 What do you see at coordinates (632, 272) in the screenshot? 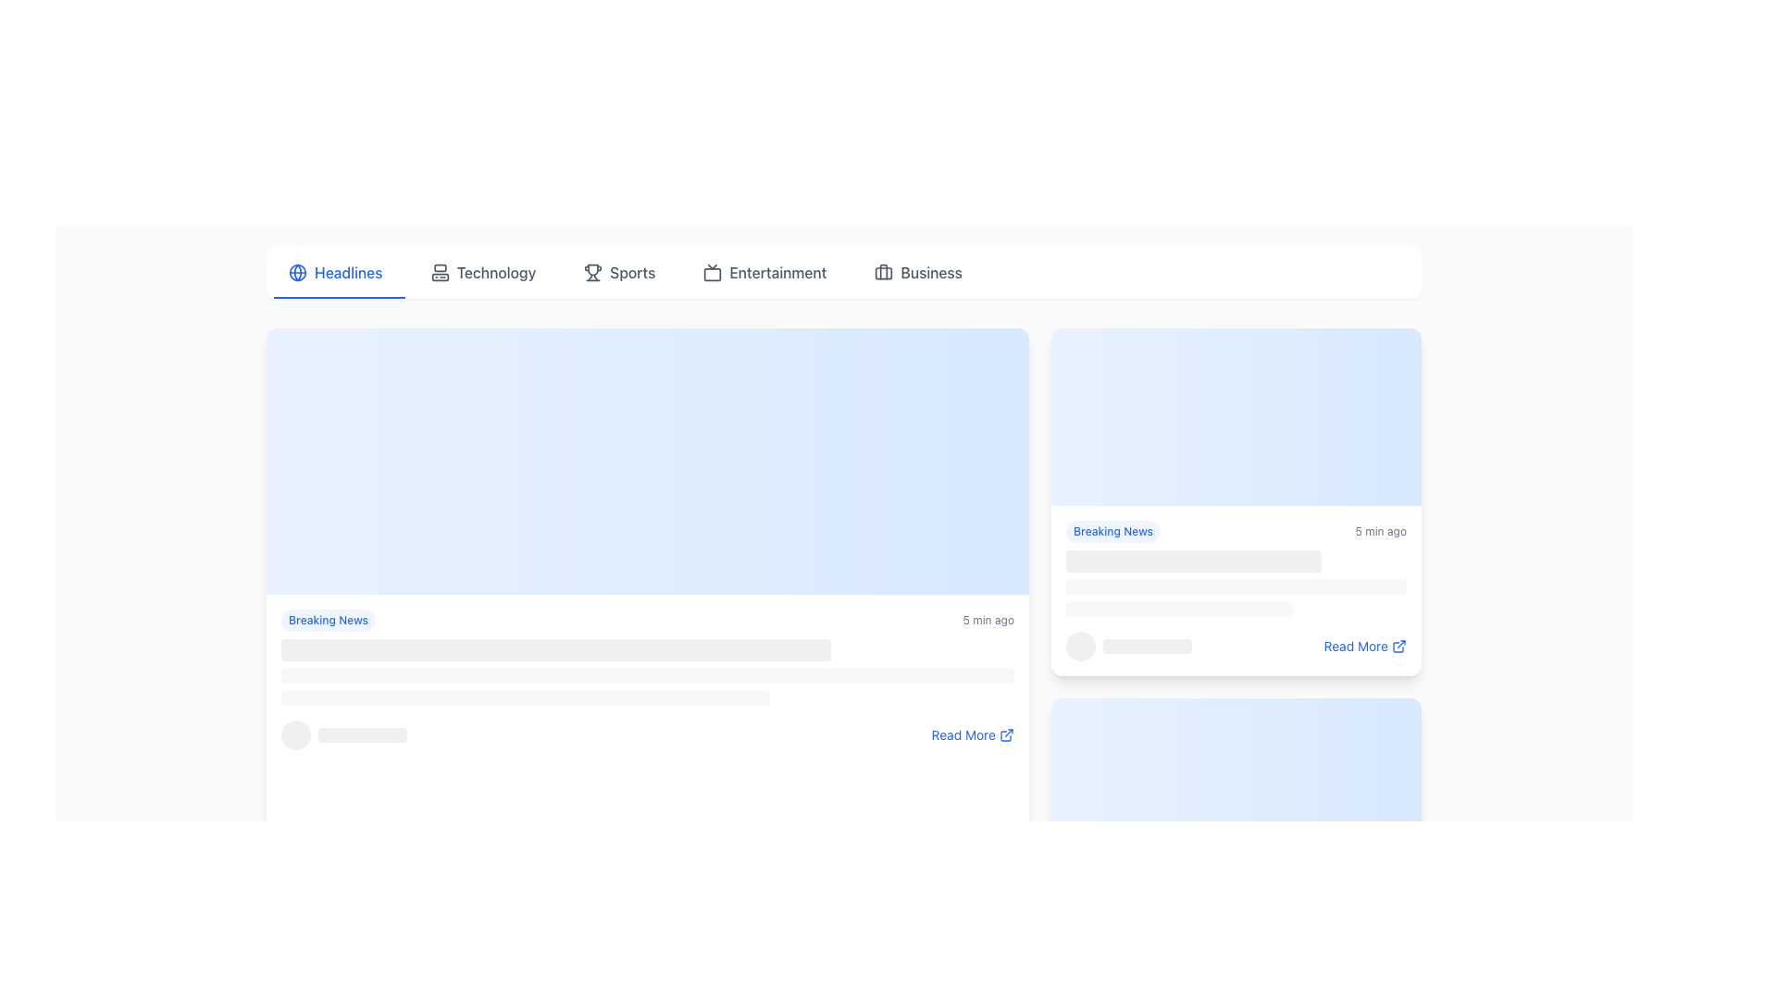
I see `the 'Sports' text label in the navigation bar` at bounding box center [632, 272].